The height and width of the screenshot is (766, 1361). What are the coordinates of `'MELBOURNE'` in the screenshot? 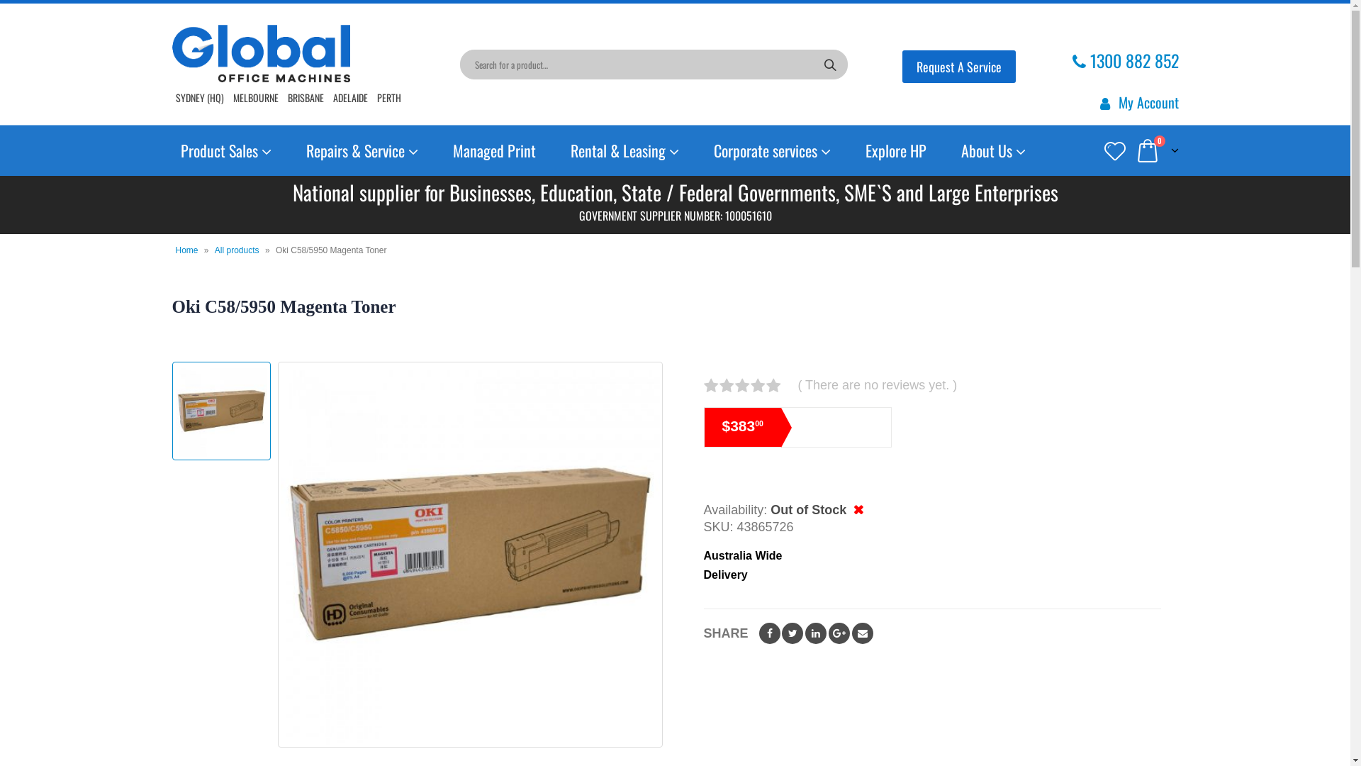 It's located at (232, 96).